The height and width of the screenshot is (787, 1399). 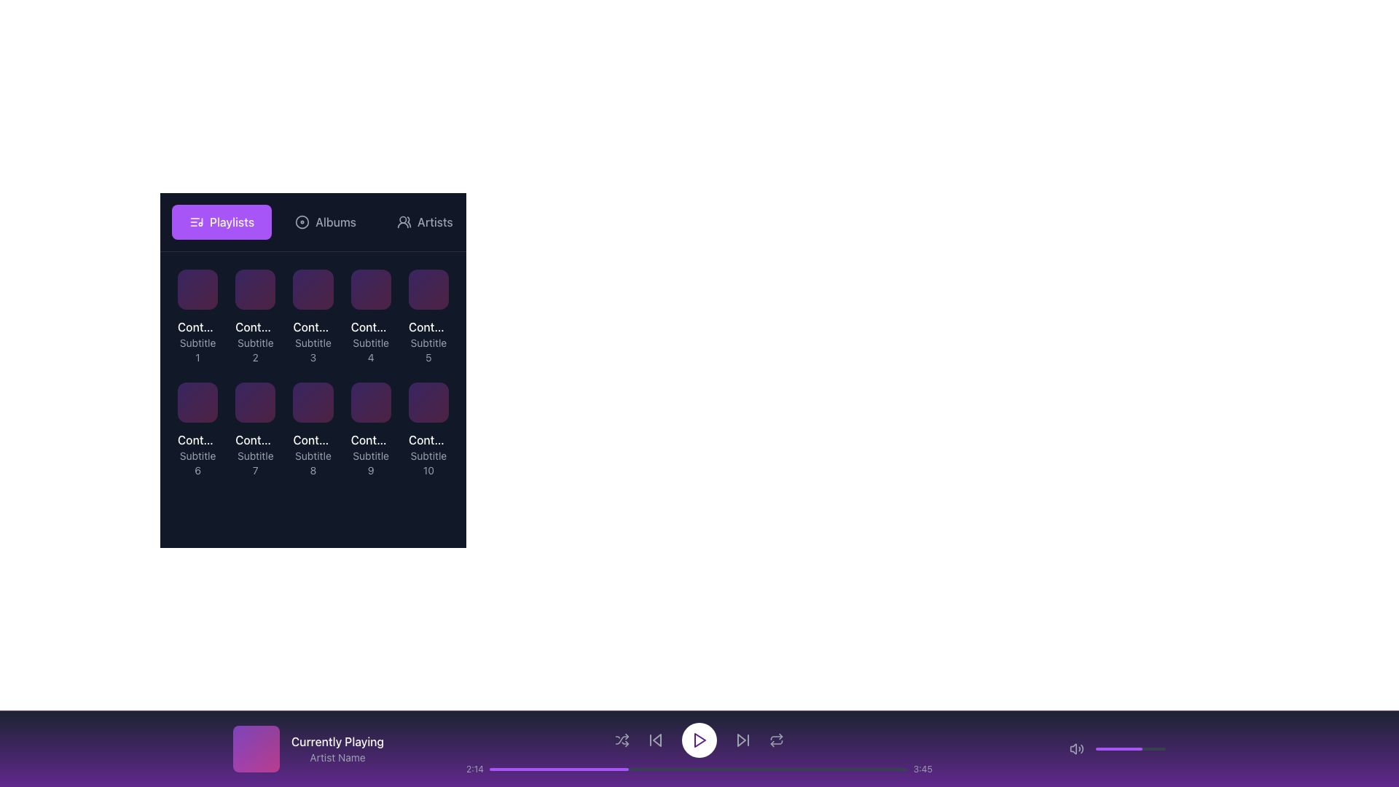 What do you see at coordinates (255, 429) in the screenshot?
I see `the card titled 'Content Title 7' located` at bounding box center [255, 429].